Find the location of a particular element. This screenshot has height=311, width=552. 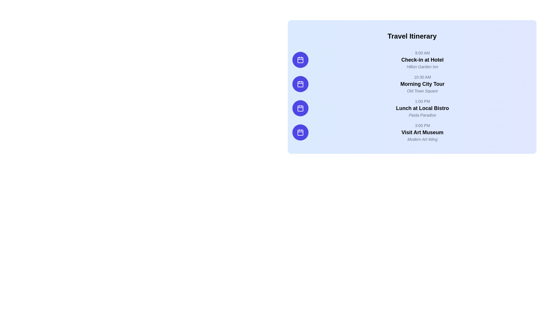

the text label that displays 'Hilton Garden Inn', styled in a smaller, italicized gray font, located under the 'Check-in at Hotel' text is located at coordinates (422, 66).